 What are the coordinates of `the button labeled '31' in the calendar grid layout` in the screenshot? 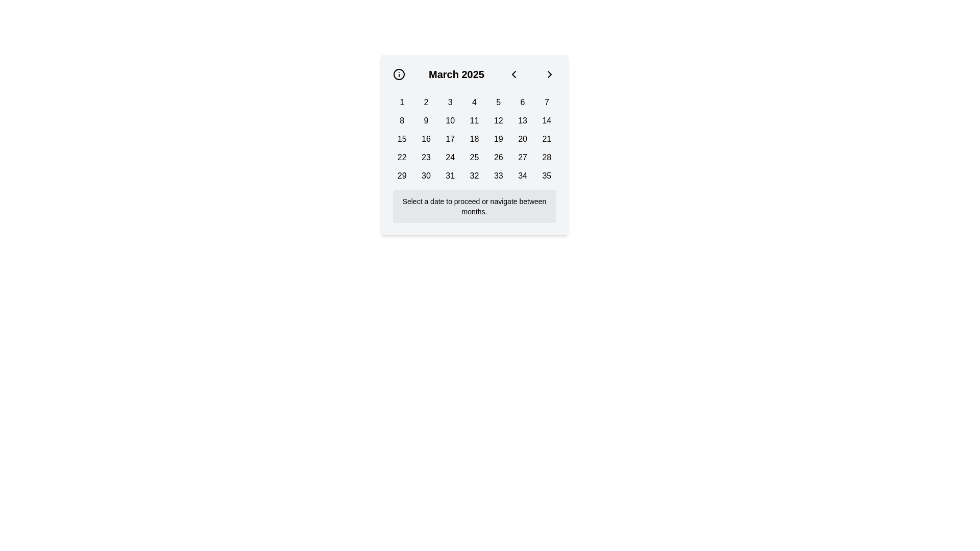 It's located at (450, 175).